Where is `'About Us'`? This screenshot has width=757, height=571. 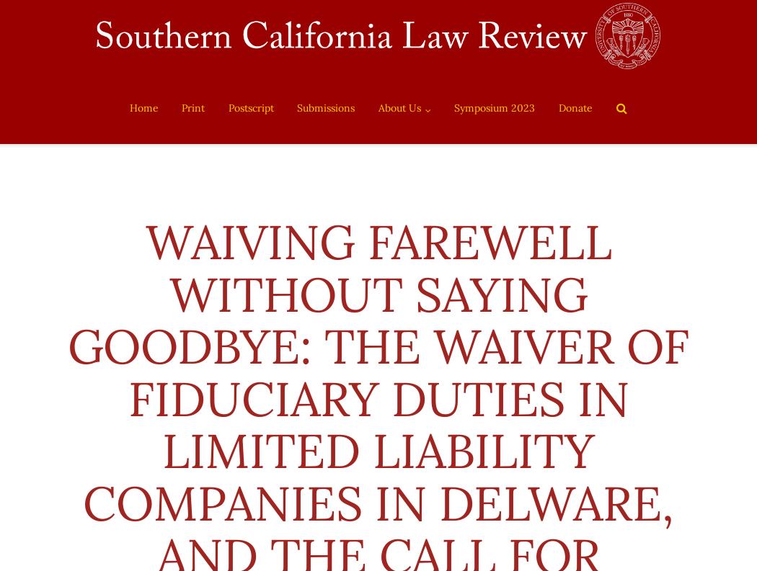
'About Us' is located at coordinates (376, 108).